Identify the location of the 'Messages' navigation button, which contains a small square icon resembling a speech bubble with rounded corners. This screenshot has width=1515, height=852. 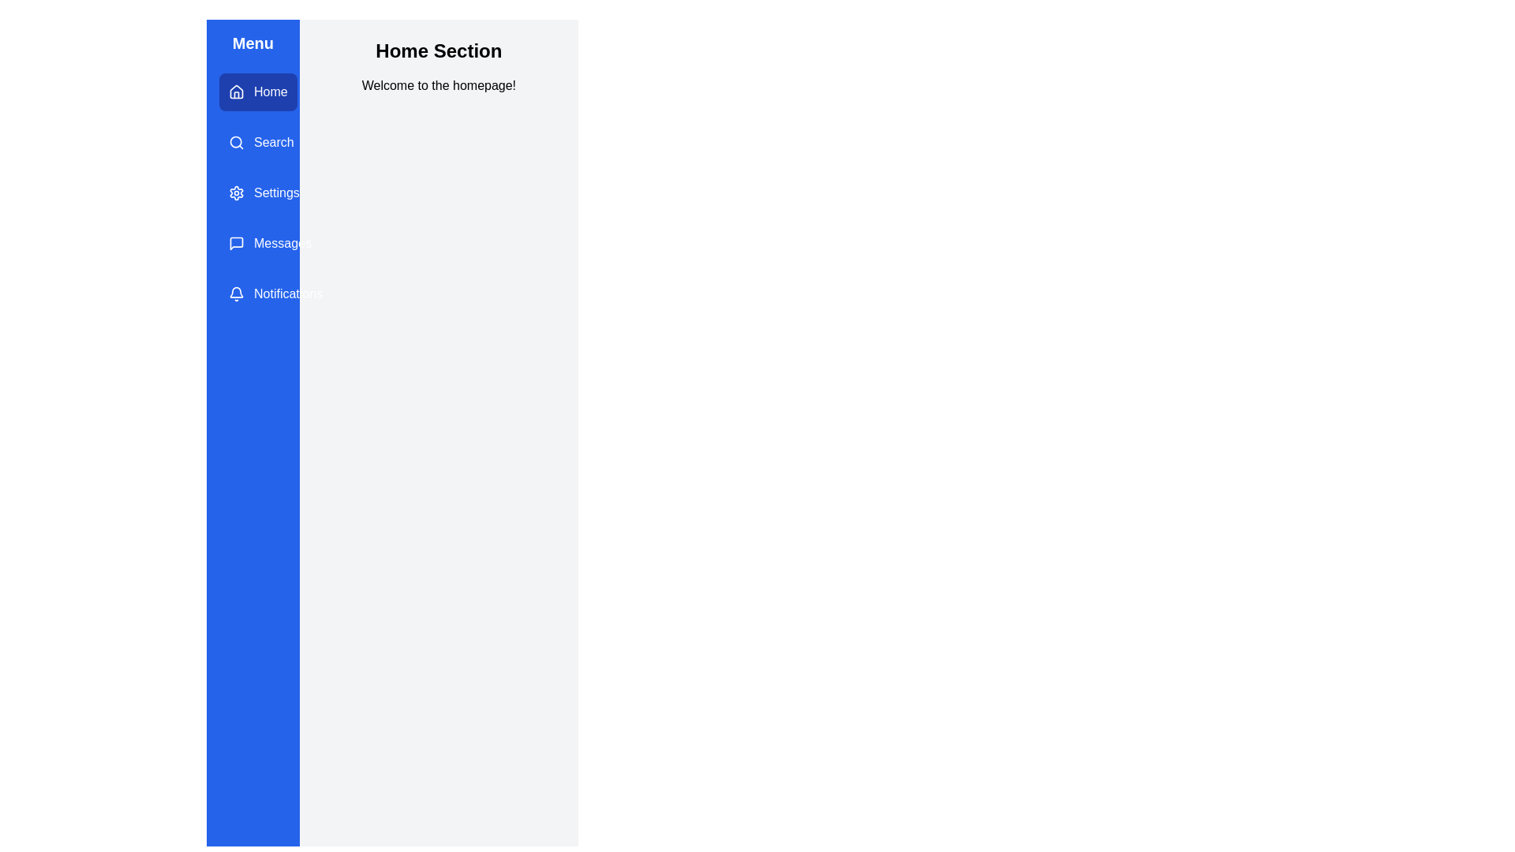
(235, 243).